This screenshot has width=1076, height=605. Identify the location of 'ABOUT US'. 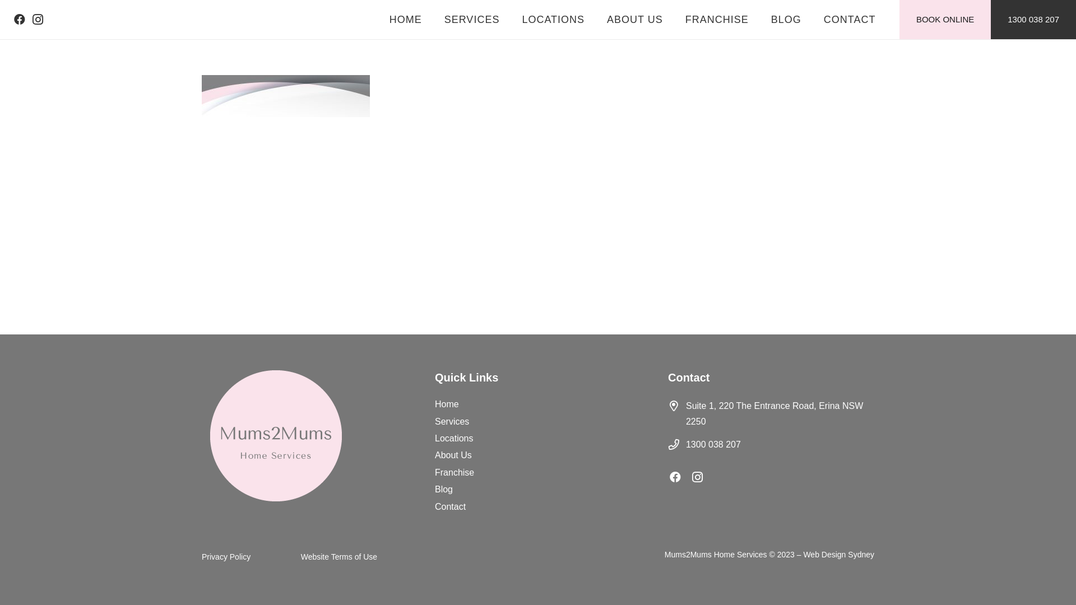
(634, 19).